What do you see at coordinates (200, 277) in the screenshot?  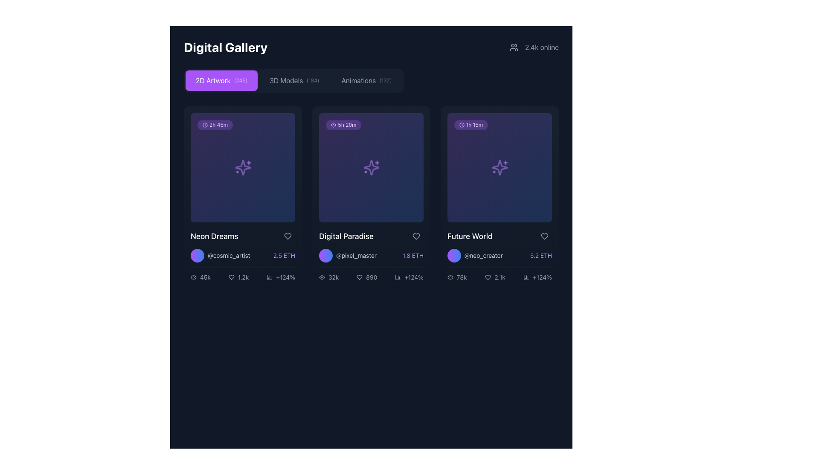 I see `the read-only statistical display element that shows the value '45k' next to an eye icon, located in the lower section of the 'Neon Dreams' card` at bounding box center [200, 277].